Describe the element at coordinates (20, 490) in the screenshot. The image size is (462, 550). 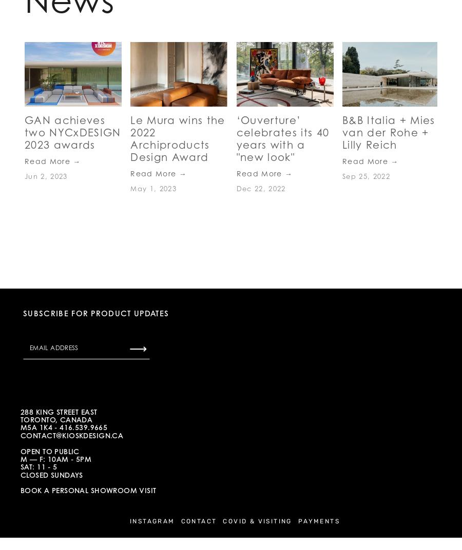
I see `'Book a personal showroom visit'` at that location.